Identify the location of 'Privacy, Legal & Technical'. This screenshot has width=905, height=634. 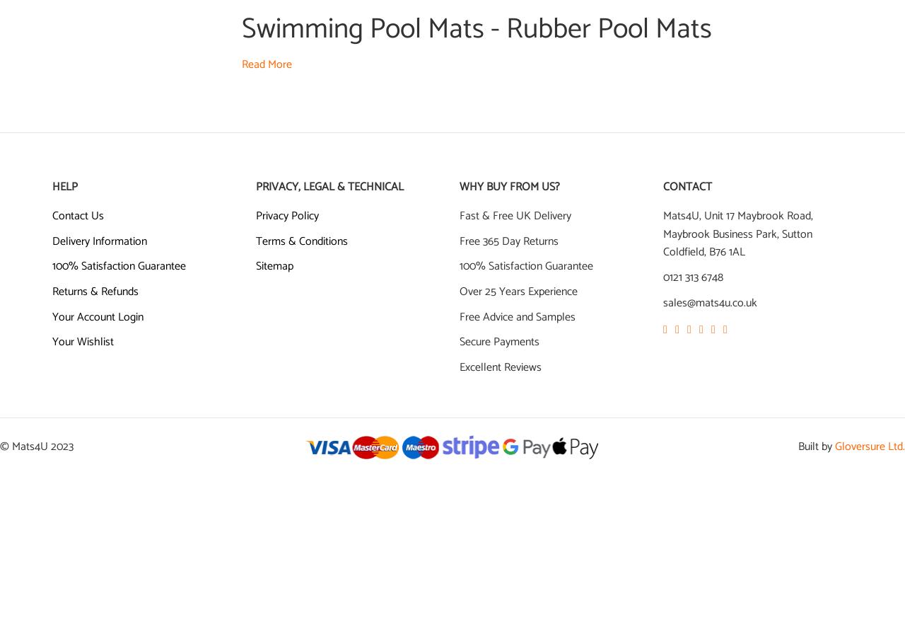
(329, 186).